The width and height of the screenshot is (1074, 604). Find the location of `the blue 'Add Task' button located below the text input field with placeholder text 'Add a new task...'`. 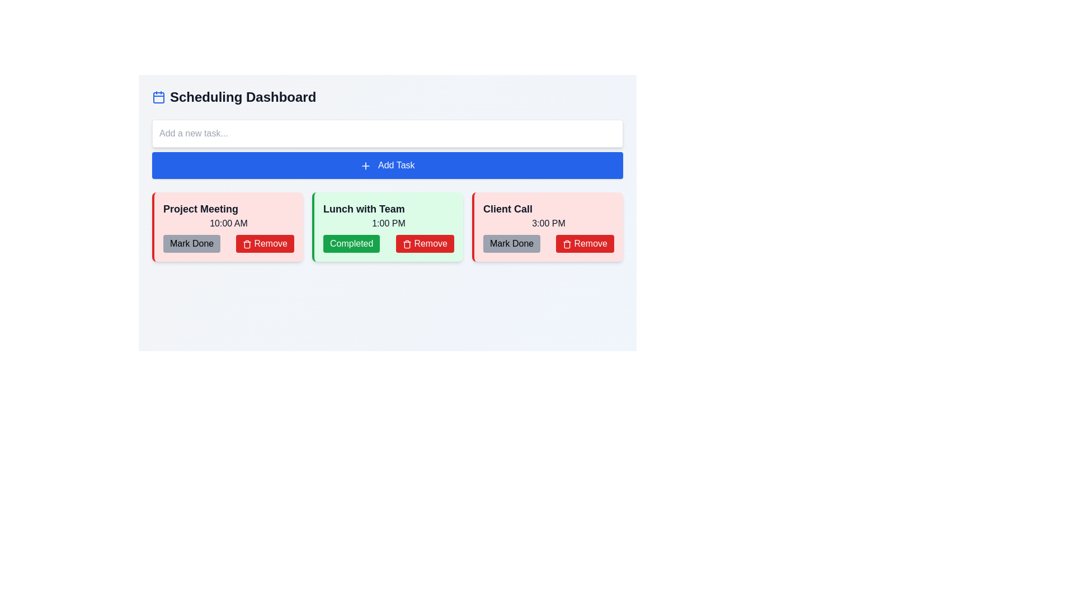

the blue 'Add Task' button located below the text input field with placeholder text 'Add a new task...' is located at coordinates (387, 148).